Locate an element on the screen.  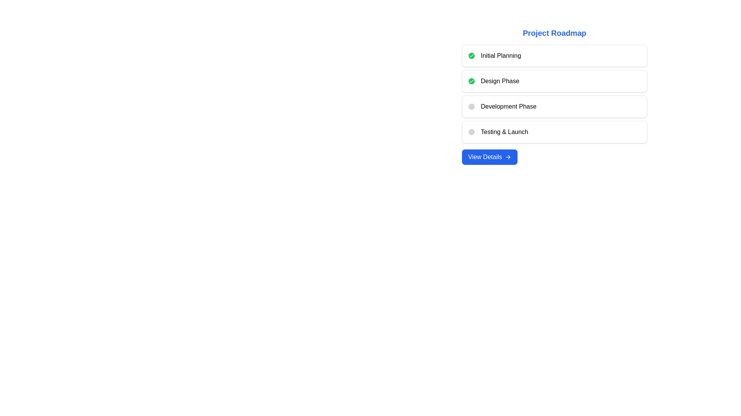
the rectangular button with a blue background and 'View Details' text, located at the bottom of the 'Project Roadmap' section for visual feedback is located at coordinates (489, 157).